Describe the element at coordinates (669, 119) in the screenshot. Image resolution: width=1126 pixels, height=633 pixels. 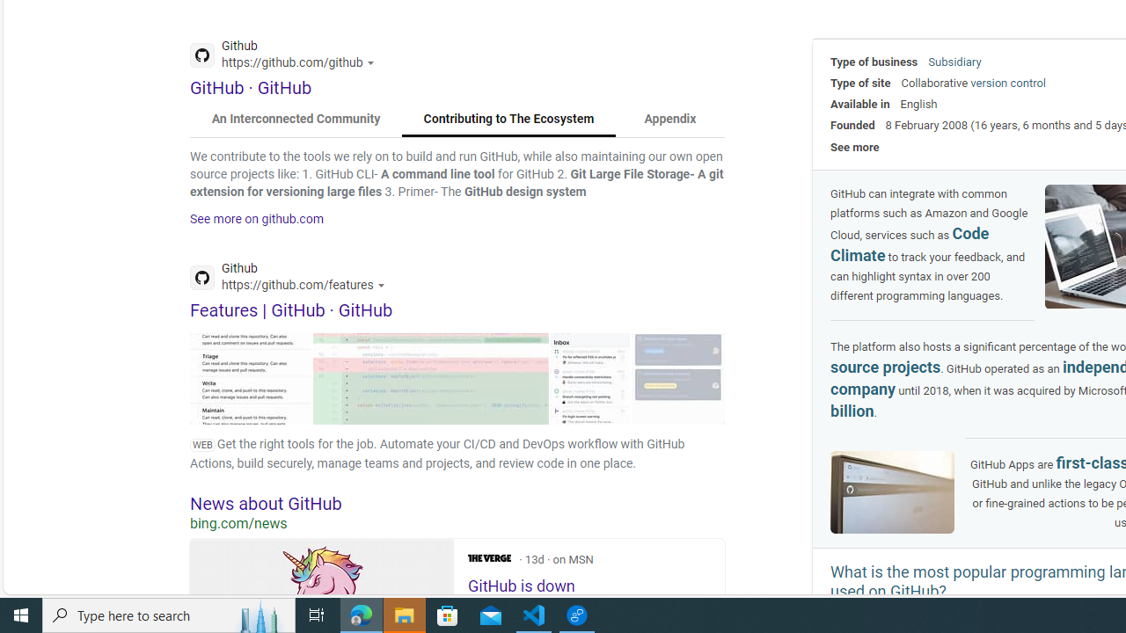
I see `'Appendix'` at that location.